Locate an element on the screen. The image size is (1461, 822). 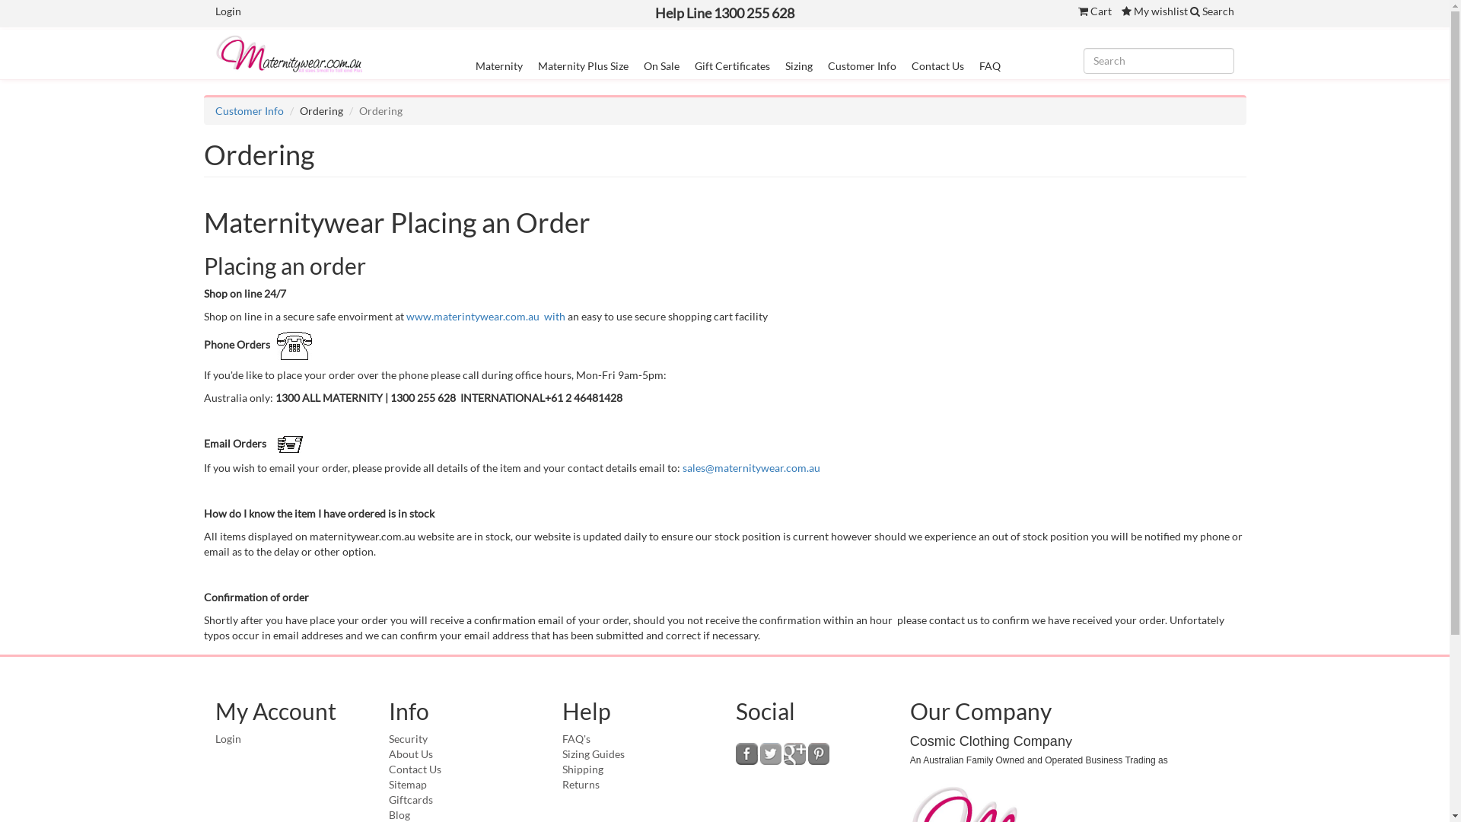
'My wishlist' is located at coordinates (1154, 11).